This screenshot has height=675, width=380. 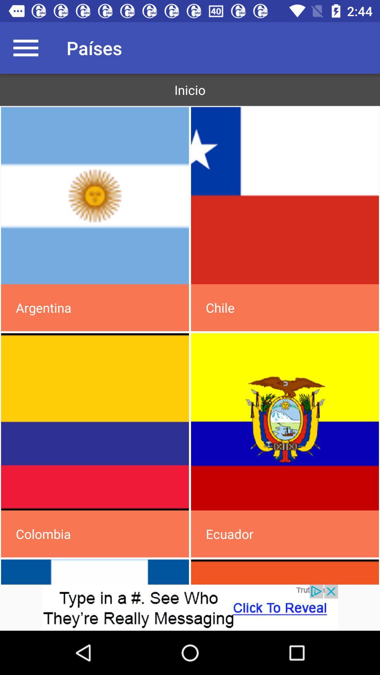 I want to click on advertising bar, so click(x=190, y=607).